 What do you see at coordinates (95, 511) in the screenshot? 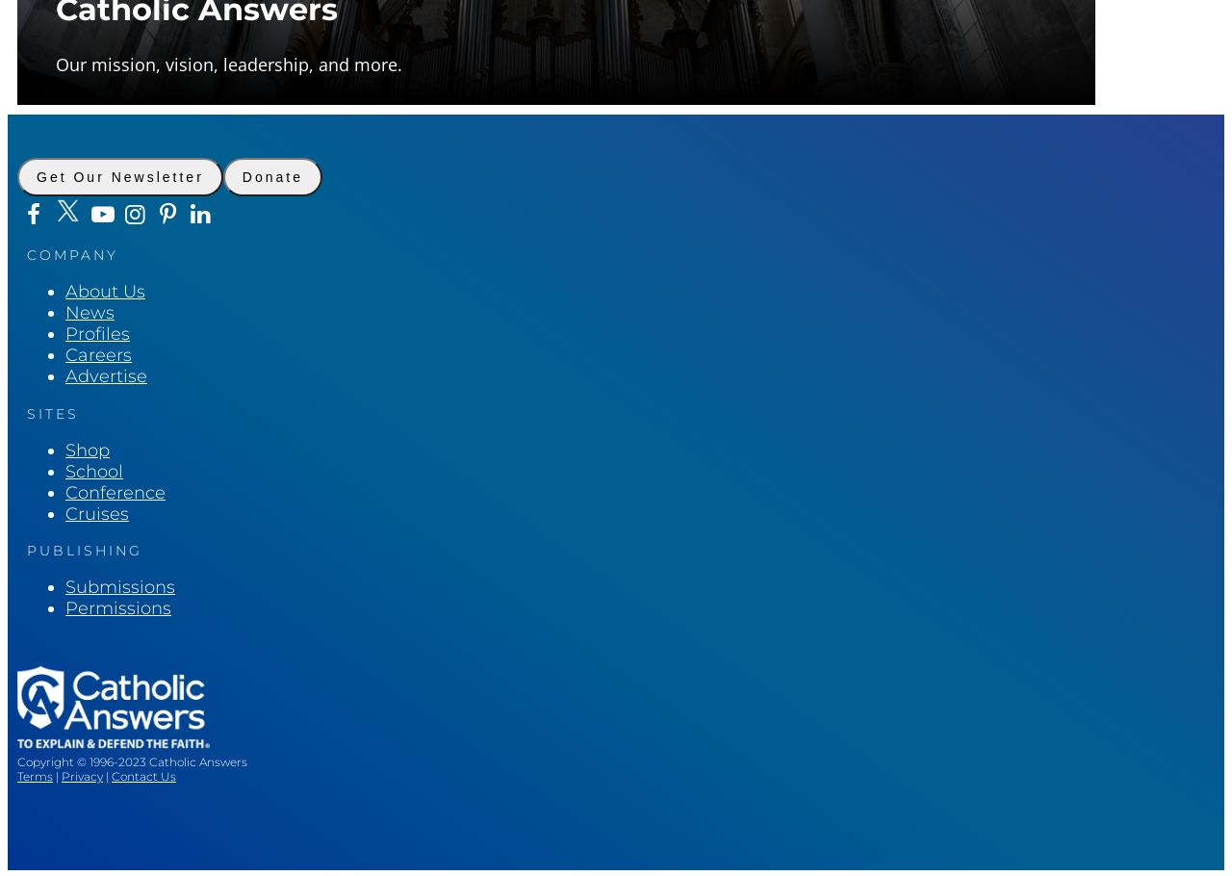
I see `'Cruises'` at bounding box center [95, 511].